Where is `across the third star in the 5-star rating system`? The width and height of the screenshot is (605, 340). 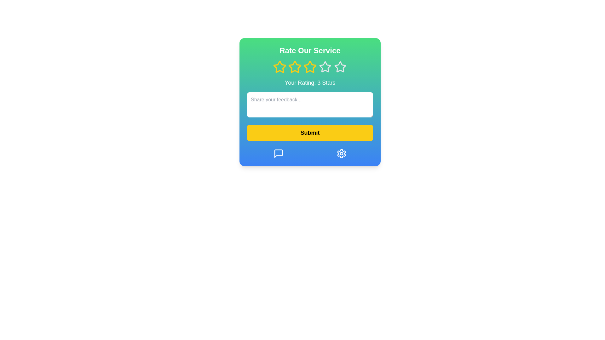 across the third star in the 5-star rating system is located at coordinates (310, 67).